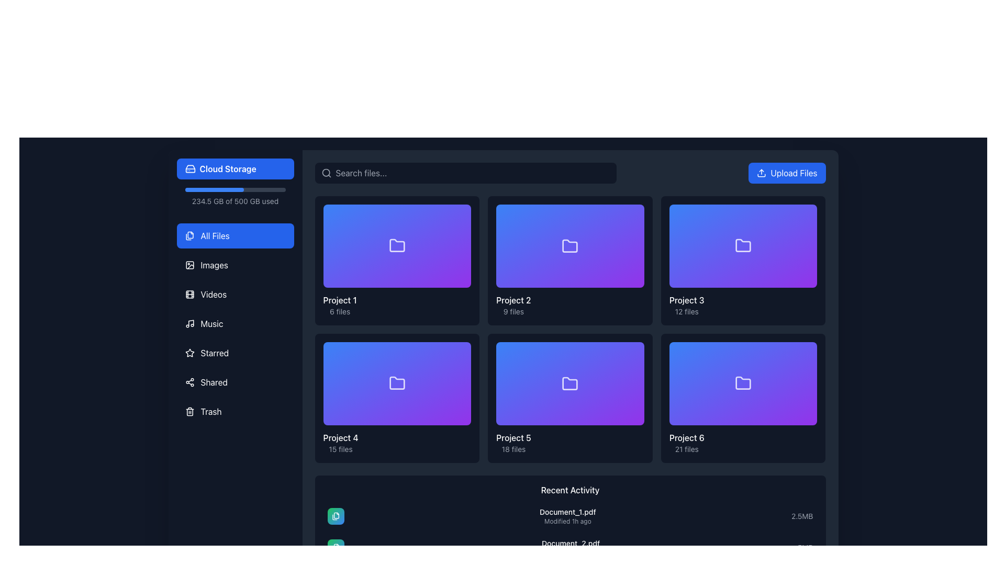  I want to click on the second interactive card, so click(569, 260).